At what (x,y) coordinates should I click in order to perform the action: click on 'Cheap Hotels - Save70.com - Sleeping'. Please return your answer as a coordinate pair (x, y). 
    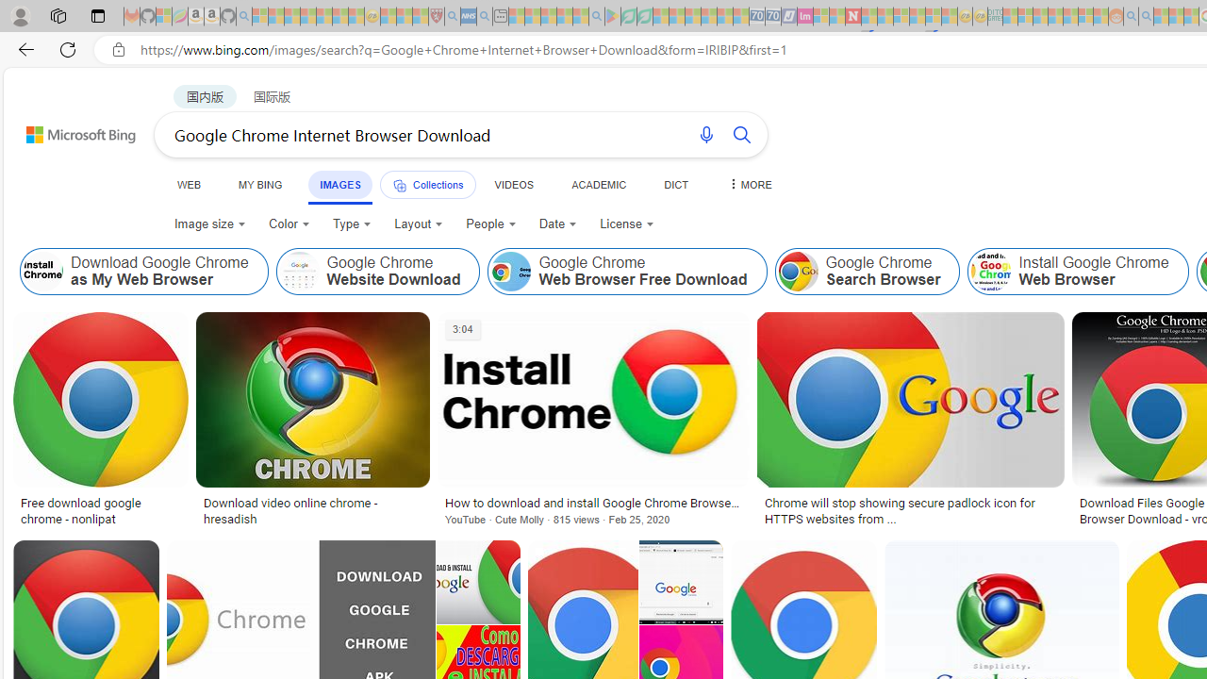
    Looking at the image, I should click on (772, 16).